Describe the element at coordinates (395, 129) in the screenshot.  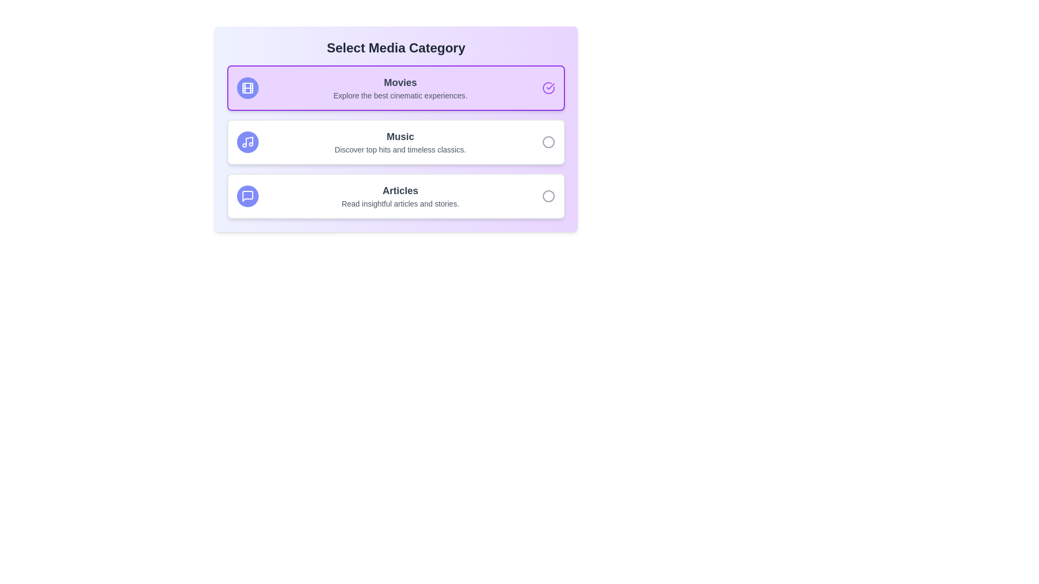
I see `a category row within the Selector card component titled 'Select Media Category'` at that location.